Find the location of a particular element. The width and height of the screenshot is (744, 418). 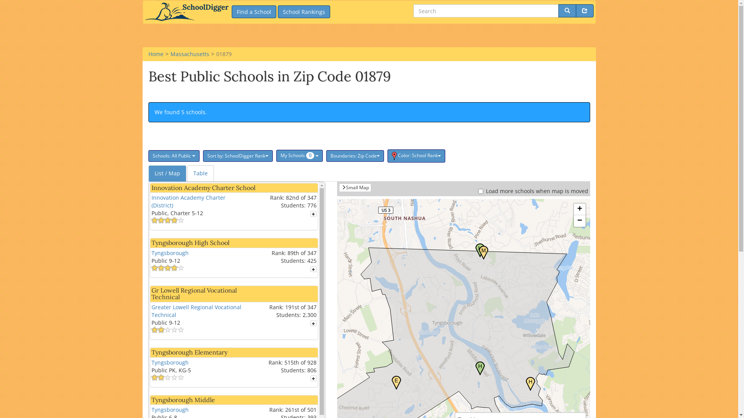

'Greater Lowell Regional Vocational Technical' is located at coordinates (196, 310).